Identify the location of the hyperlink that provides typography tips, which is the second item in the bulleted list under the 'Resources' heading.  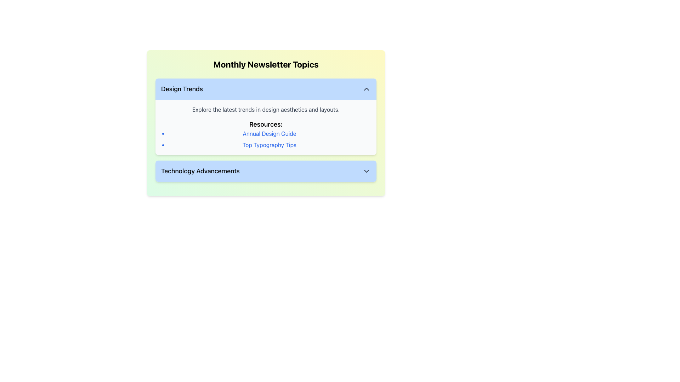
(269, 144).